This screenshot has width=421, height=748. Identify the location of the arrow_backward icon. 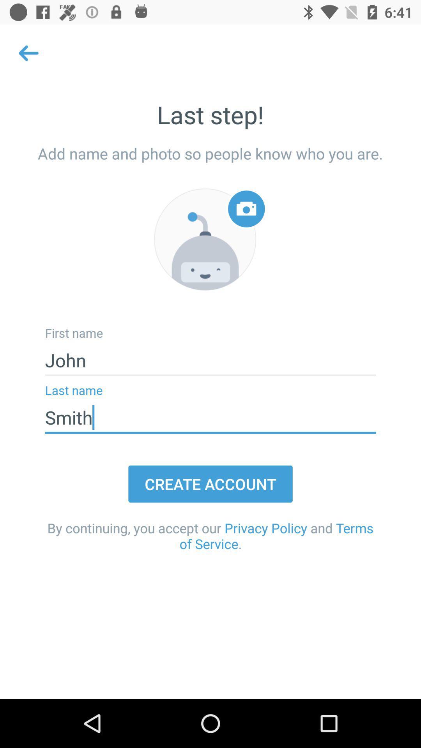
(28, 53).